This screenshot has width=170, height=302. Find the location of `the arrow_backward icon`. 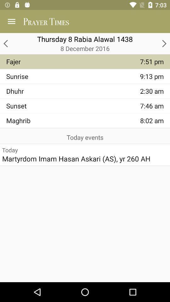

the arrow_backward icon is located at coordinates (6, 43).